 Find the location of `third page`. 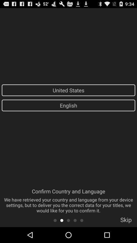

third page is located at coordinates (68, 220).